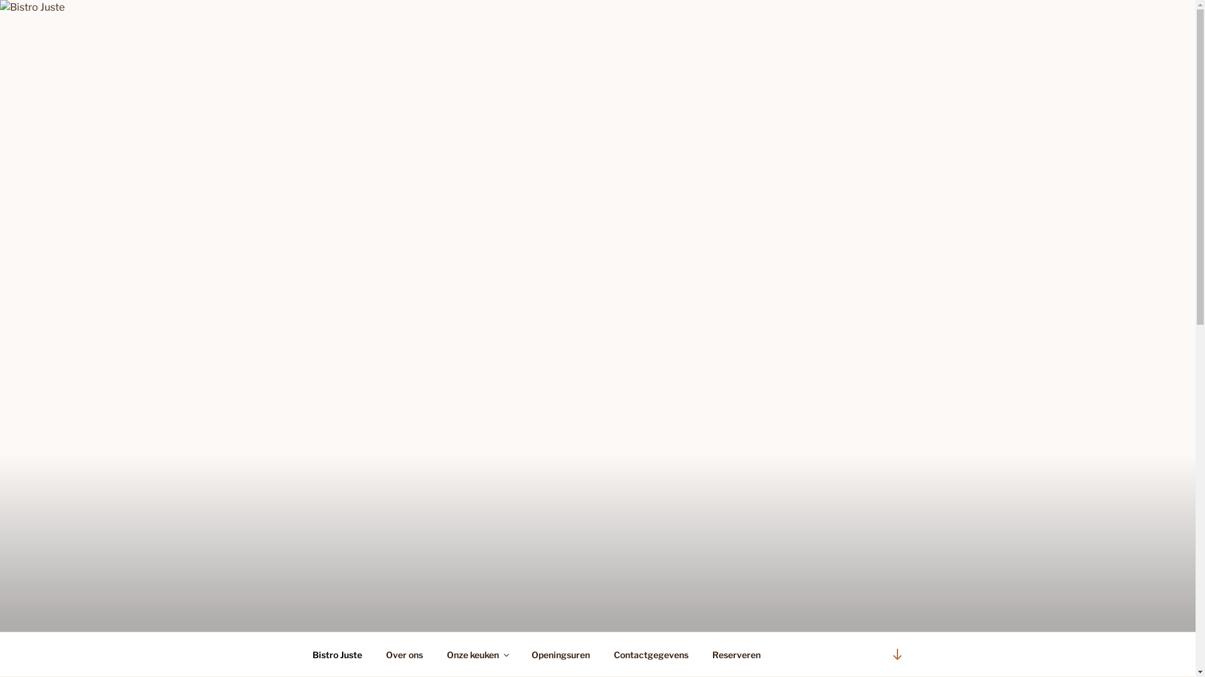 This screenshot has height=677, width=1205. Describe the element at coordinates (882, 653) in the screenshot. I see `'Scroll omlaag naar de content'` at that location.